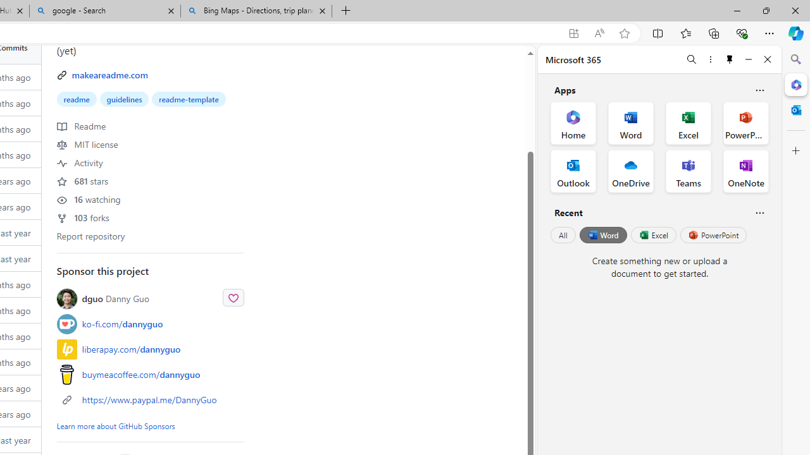 This screenshot has width=810, height=455. I want to click on 'Unpin side pane', so click(730, 59).